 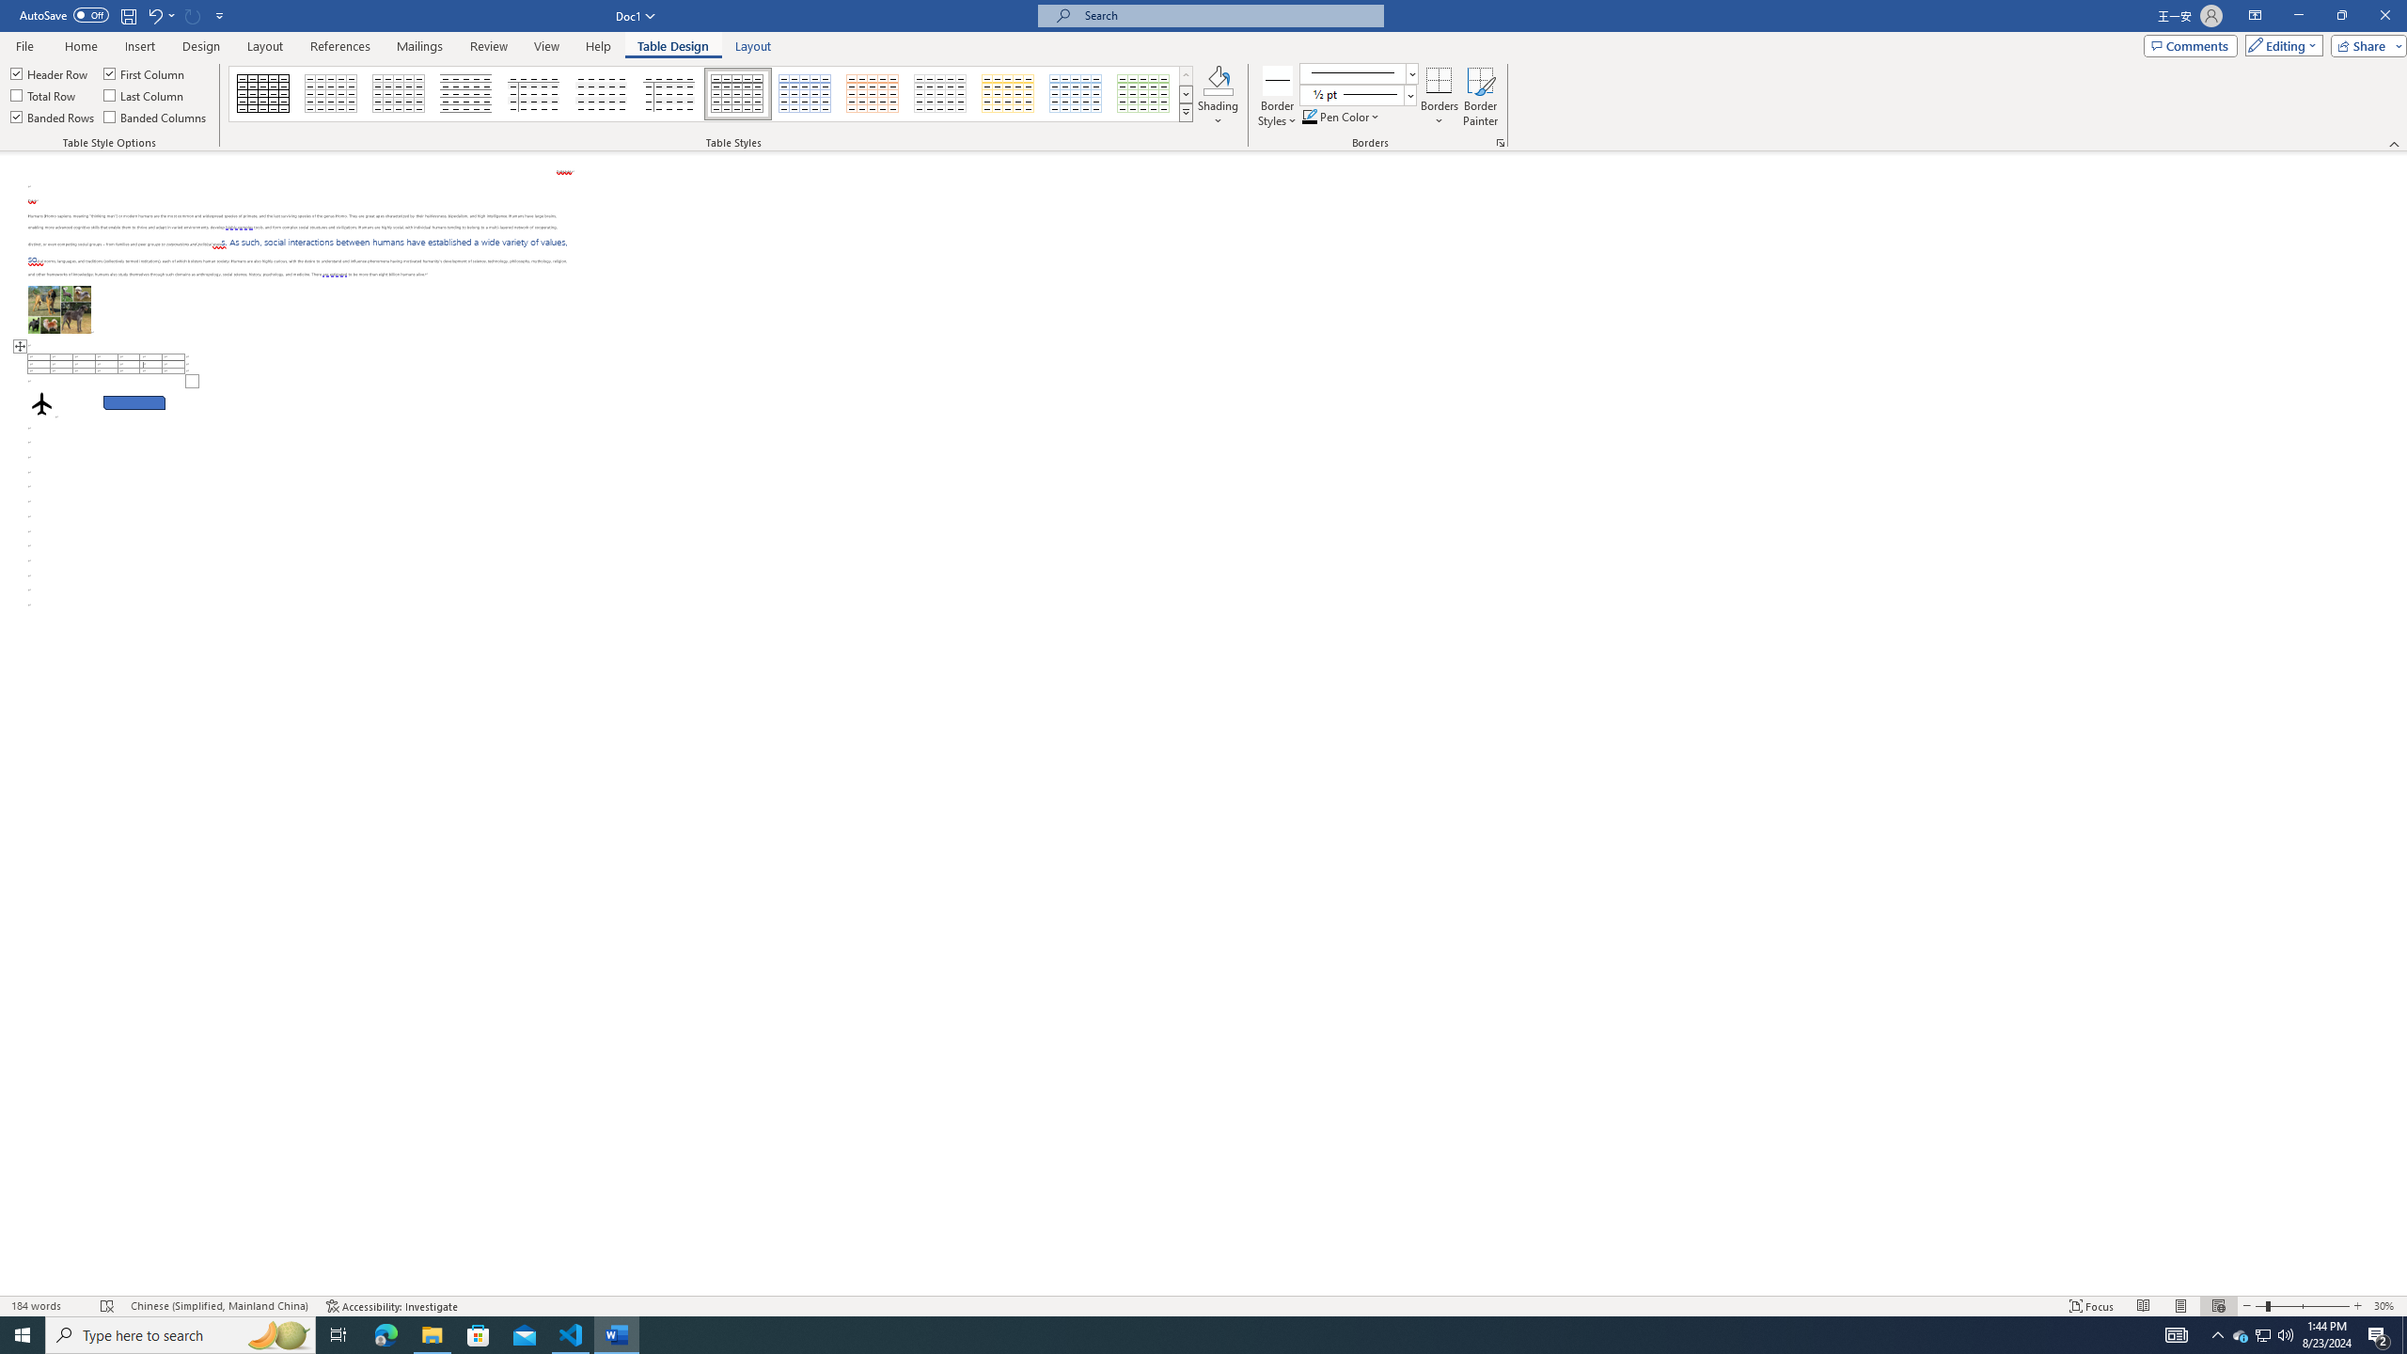 I want to click on 'Spelling and Grammar Check Errors', so click(x=107, y=1306).